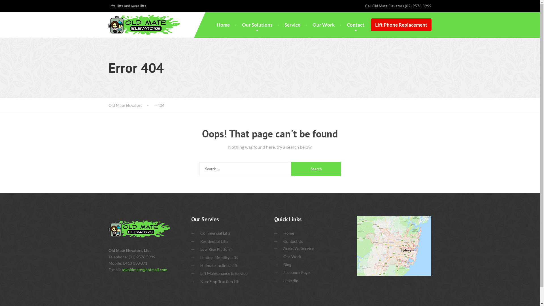 This screenshot has width=544, height=306. Describe the element at coordinates (218, 265) in the screenshot. I see `'Hillmate Inclined Lift'` at that location.